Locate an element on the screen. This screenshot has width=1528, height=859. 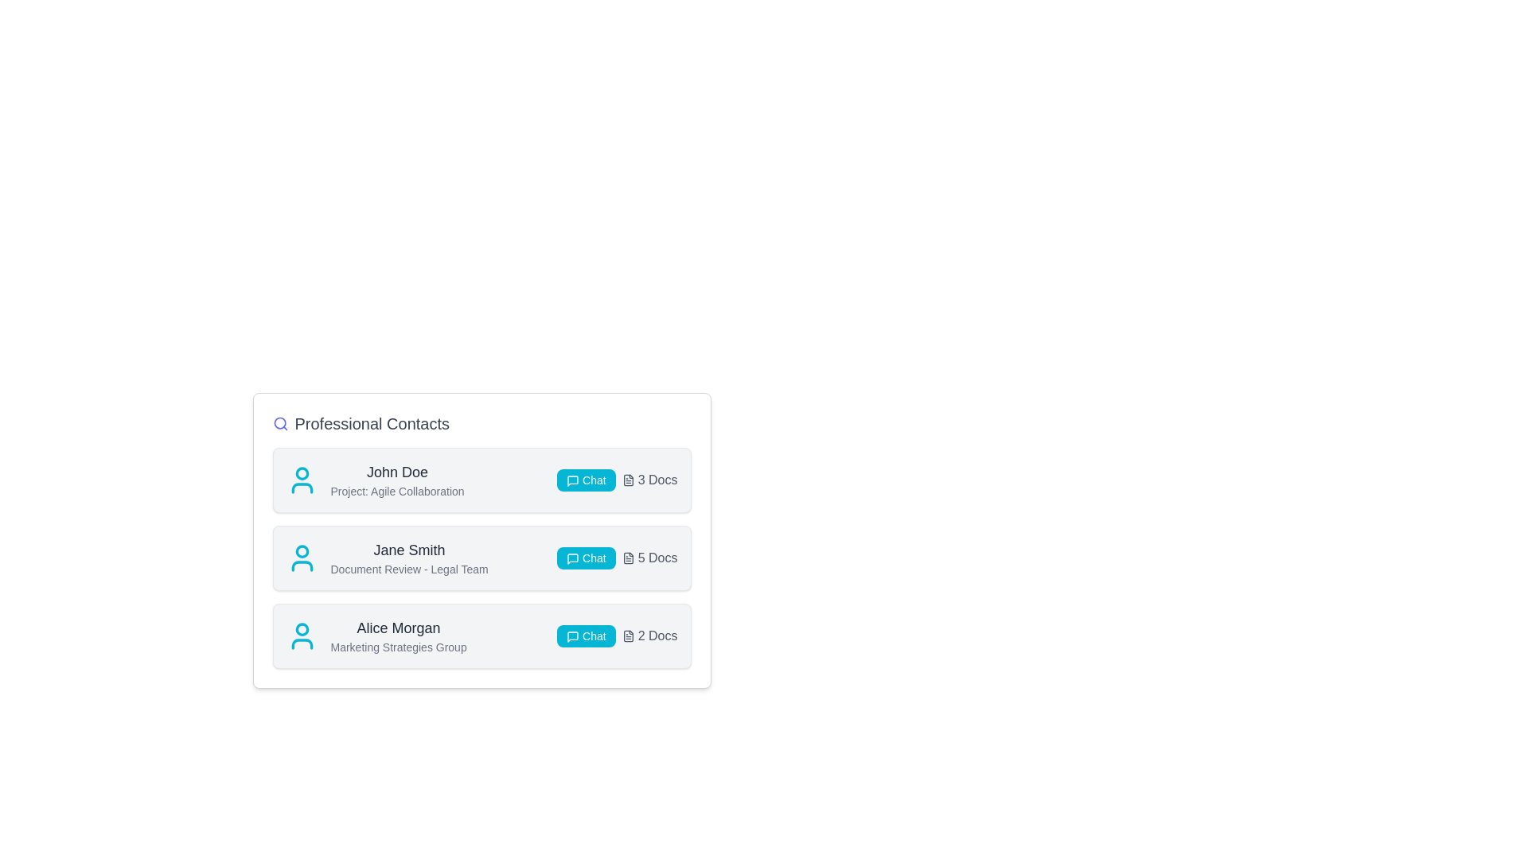
the element John Doe to reveal its tooltip or additional information is located at coordinates (397, 472).